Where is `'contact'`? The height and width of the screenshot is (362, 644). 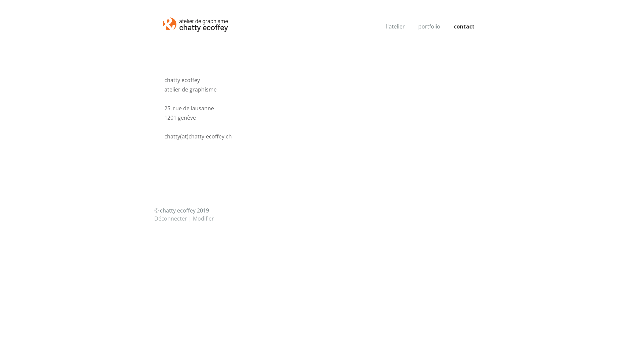
'contact' is located at coordinates (449, 26).